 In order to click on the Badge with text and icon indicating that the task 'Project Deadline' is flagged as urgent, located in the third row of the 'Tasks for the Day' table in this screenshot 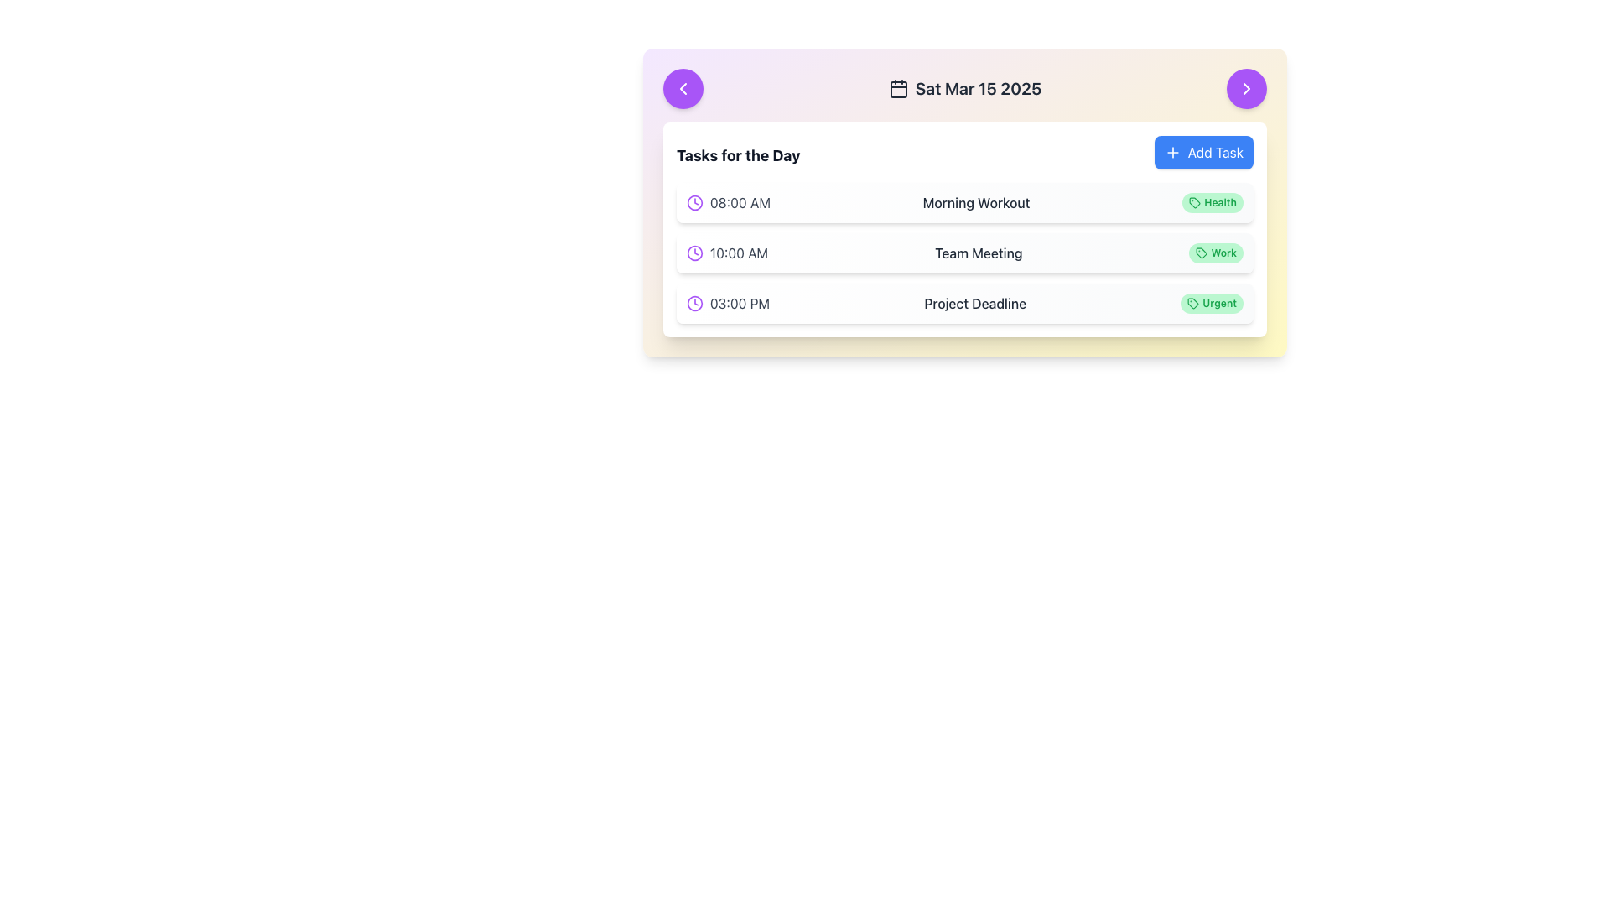, I will do `click(1212, 304)`.